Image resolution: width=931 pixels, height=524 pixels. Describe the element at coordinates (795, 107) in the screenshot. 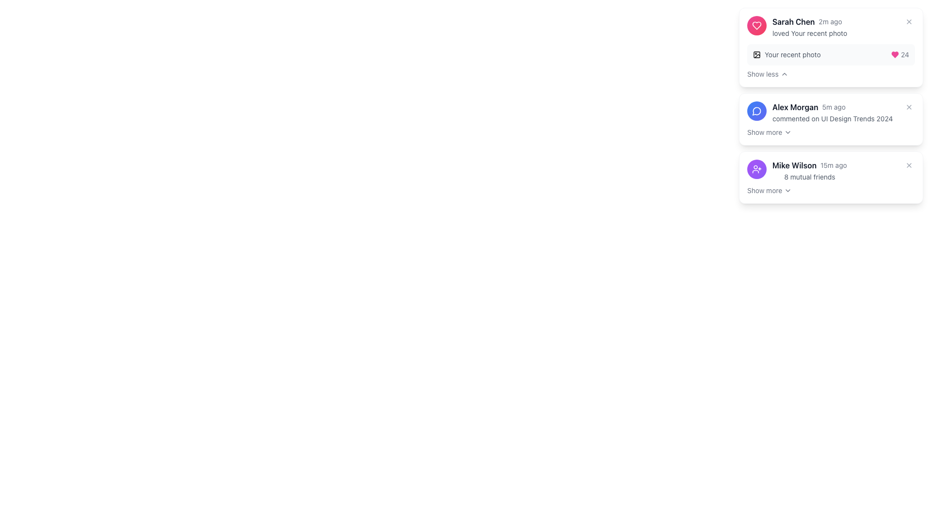

I see `the static text label displaying 'Alex Morgan', which is prominently positioned on the right of a user profile image within a notification card` at that location.